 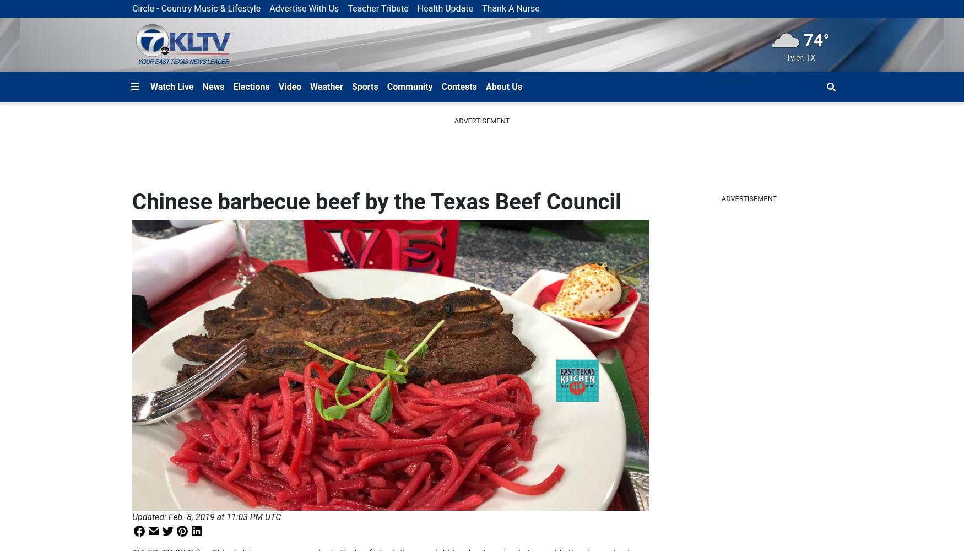 I want to click on 'Advertise With Us', so click(x=303, y=8).